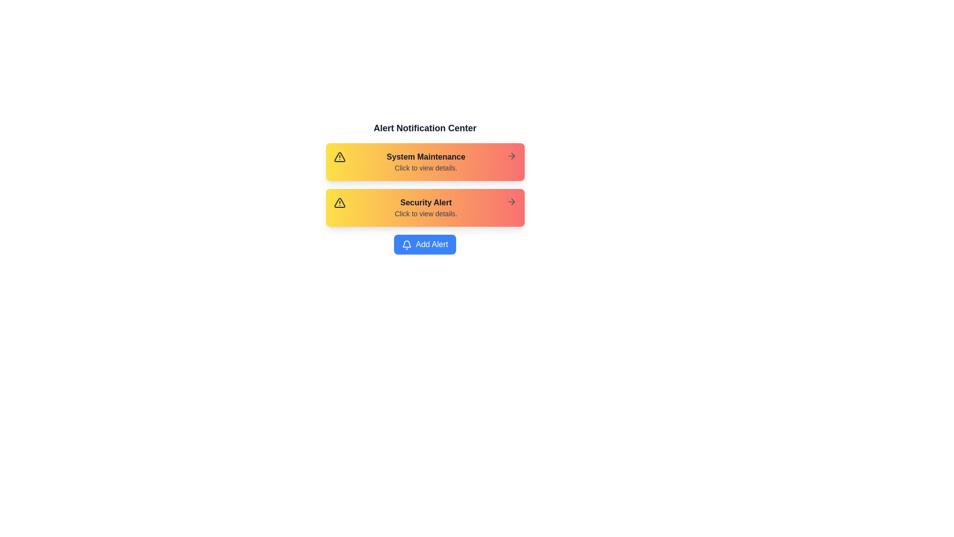 This screenshot has width=954, height=537. I want to click on the alert icon for Security Alert, so click(339, 202).